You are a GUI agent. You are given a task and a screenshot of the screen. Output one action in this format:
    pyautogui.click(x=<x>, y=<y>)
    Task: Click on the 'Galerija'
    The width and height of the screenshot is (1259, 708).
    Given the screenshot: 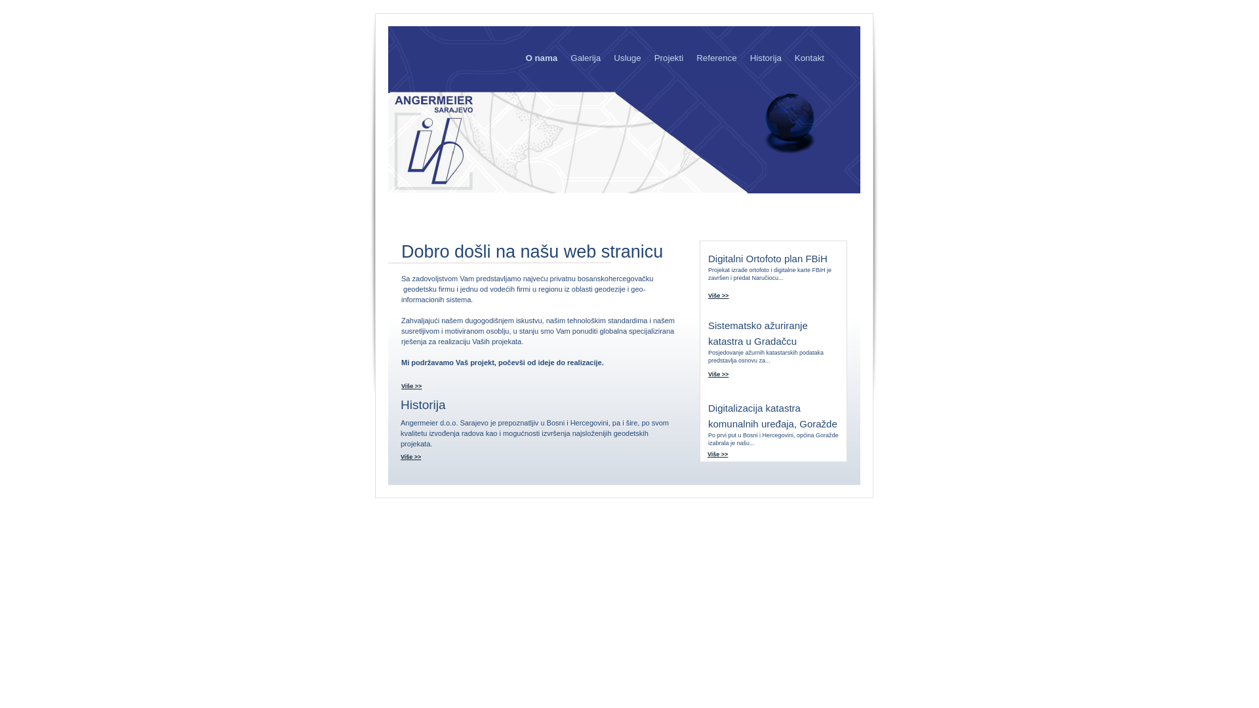 What is the action you would take?
    pyautogui.click(x=584, y=57)
    